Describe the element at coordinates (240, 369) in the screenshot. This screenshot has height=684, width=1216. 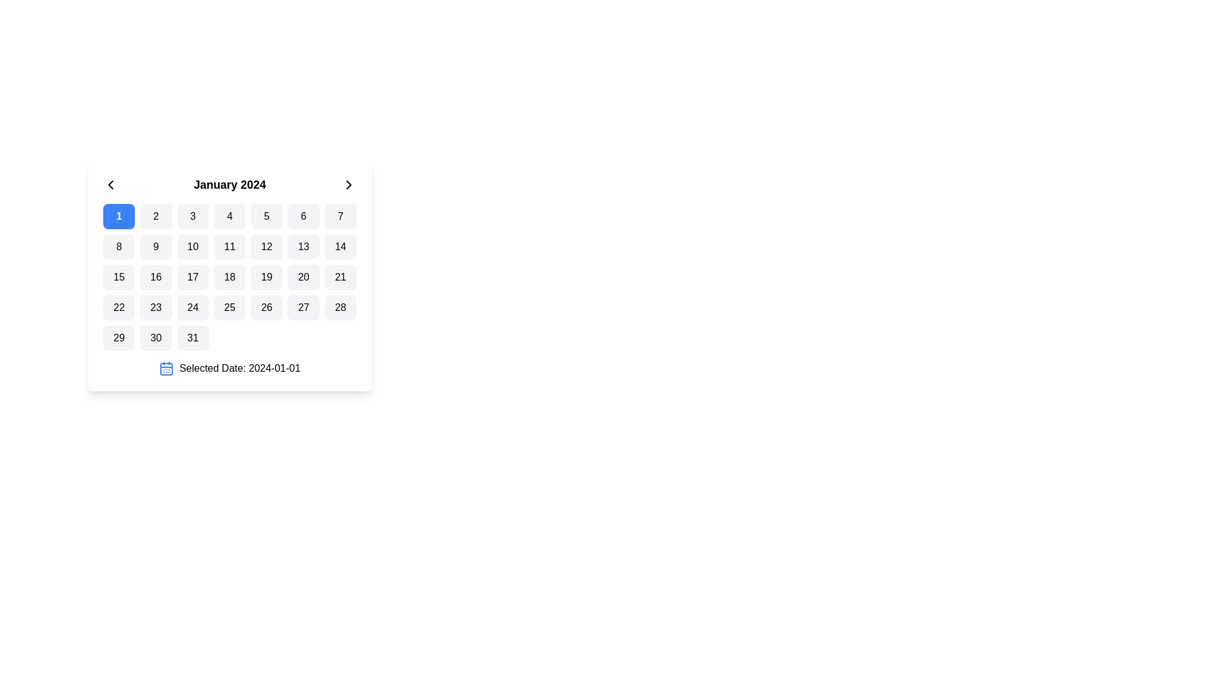
I see `displayed text 'Selected Date: 2024-01-01' from the Text label accompanied by a calendar icon located below the calendar interface` at that location.